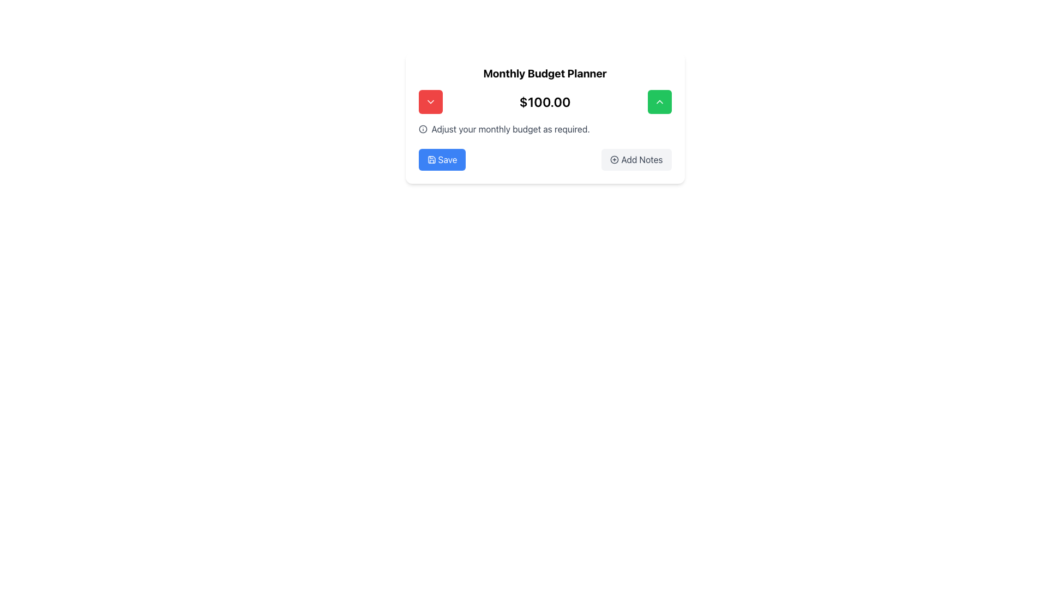  I want to click on the static text display showing the monetary value '$100.00', which is located below the title 'Monthly Budget Planner' and between the red and green buttons, so click(545, 101).